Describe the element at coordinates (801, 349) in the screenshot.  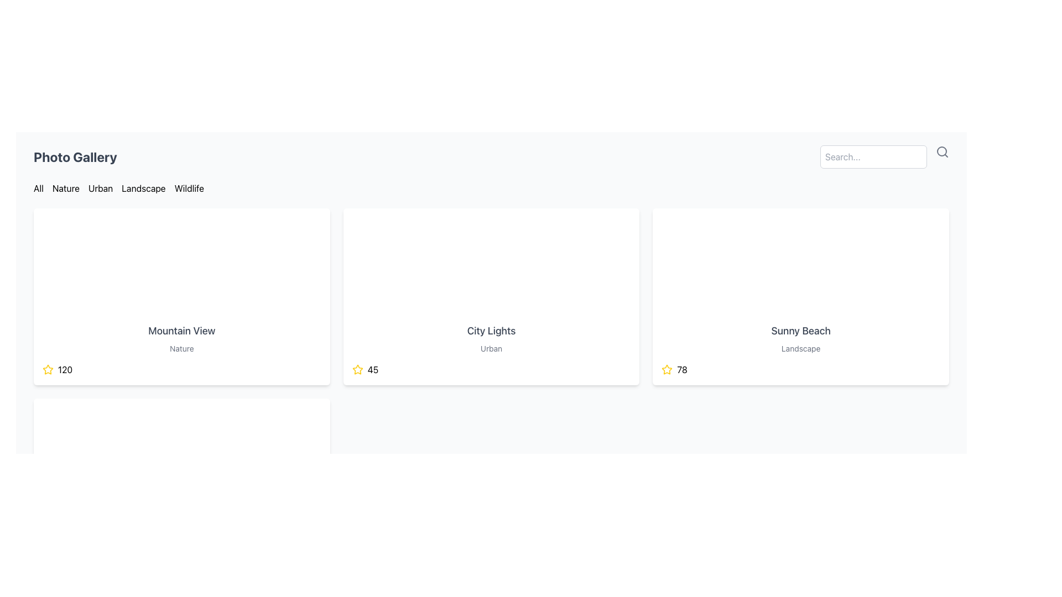
I see `the text display element that provides information about a photo or location, which includes its title, category, and rating, located in the lower section of the third card in a horizontally arranged grid` at that location.